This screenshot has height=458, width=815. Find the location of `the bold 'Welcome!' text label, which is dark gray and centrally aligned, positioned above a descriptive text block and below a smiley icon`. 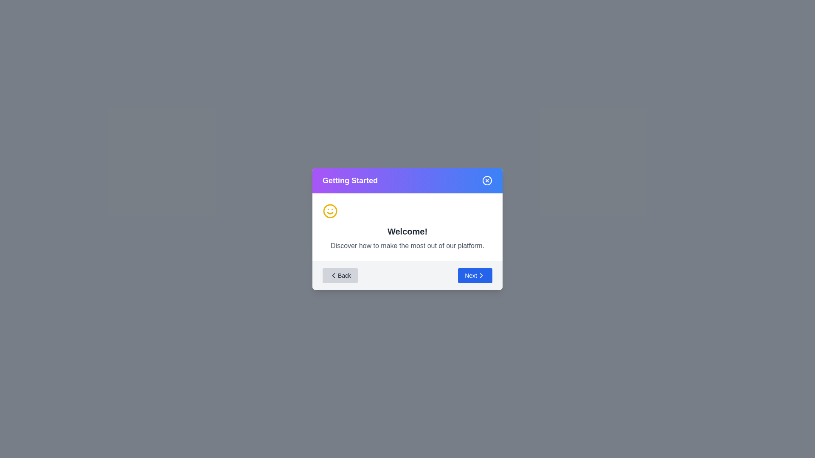

the bold 'Welcome!' text label, which is dark gray and centrally aligned, positioned above a descriptive text block and below a smiley icon is located at coordinates (407, 232).